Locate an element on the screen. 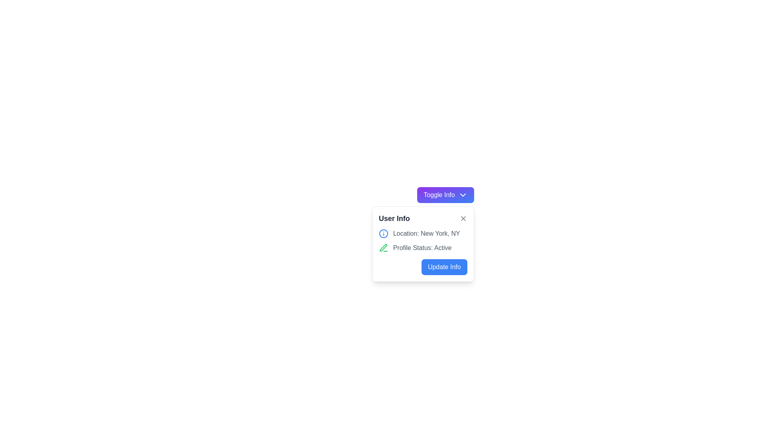 This screenshot has width=765, height=430. the text element that reads 'Location: New York, NY' with a blue circular icon to its left in the 'User Info' section is located at coordinates (422, 233).